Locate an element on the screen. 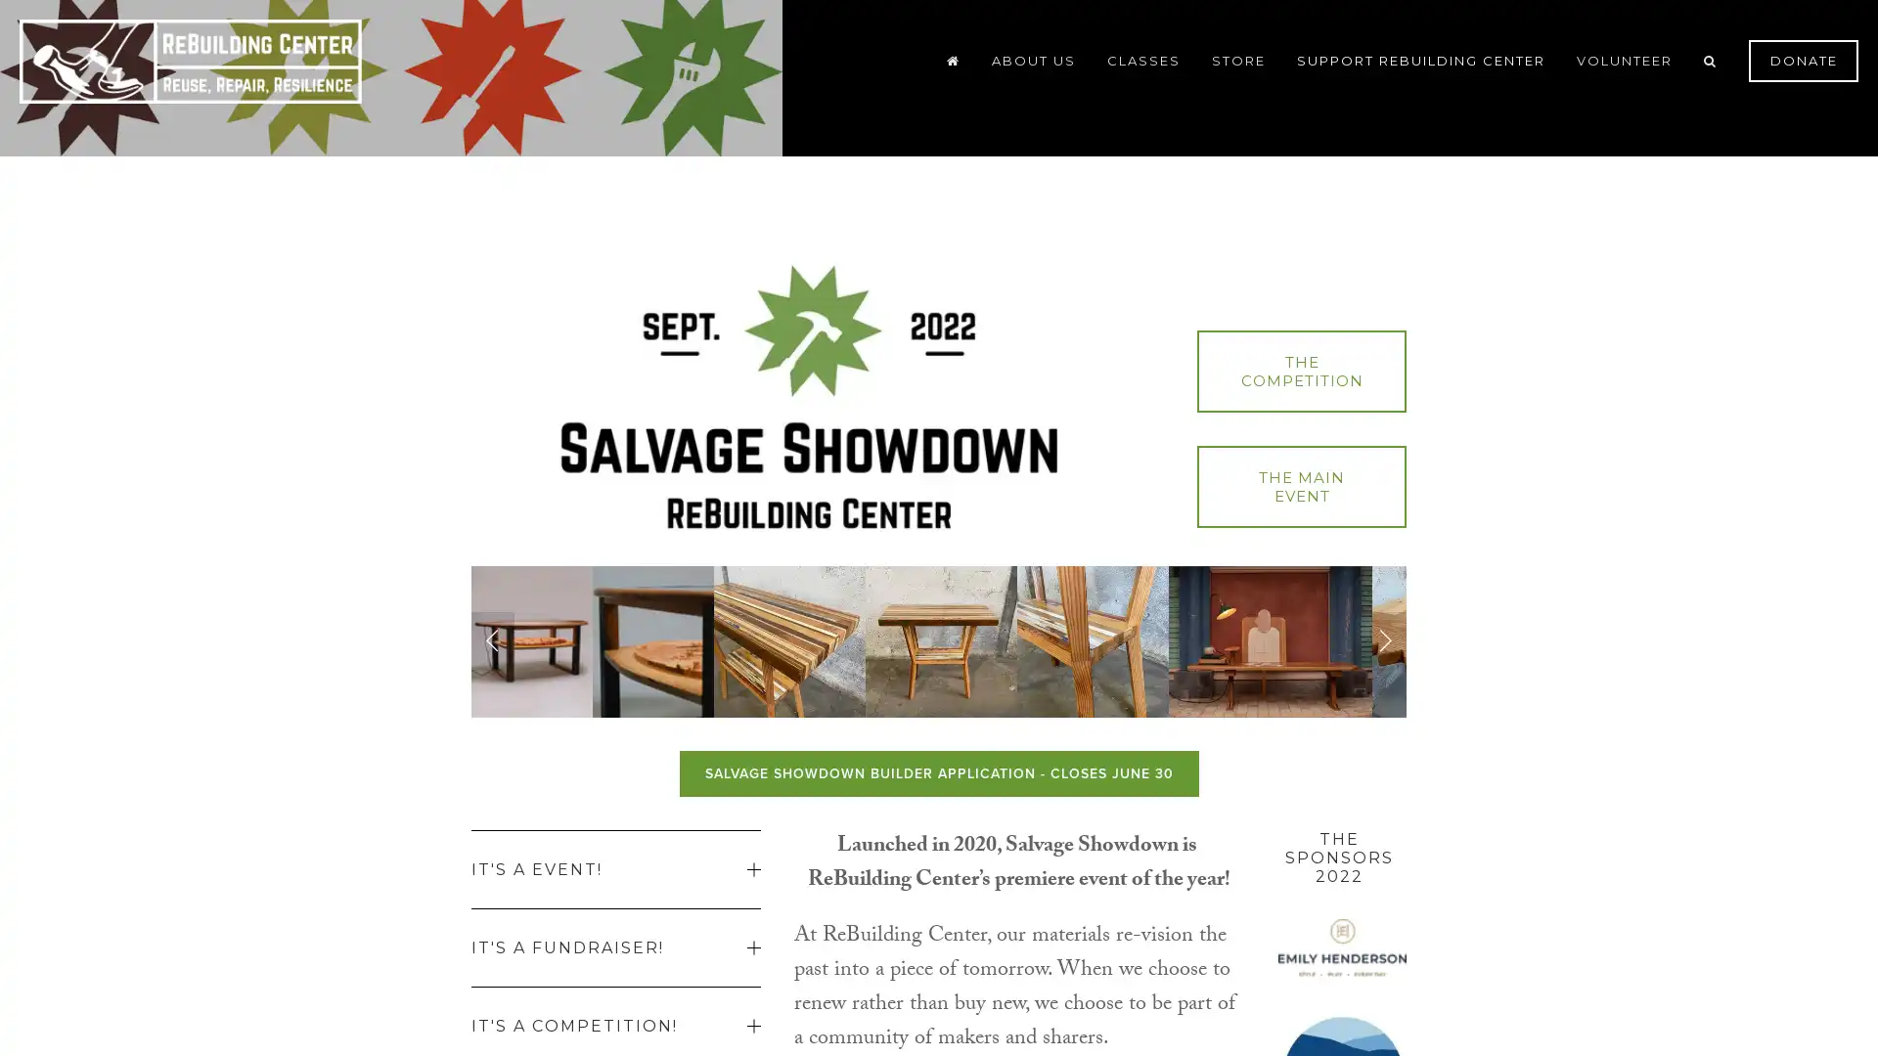 This screenshot has height=1056, width=1878. IT'S A EVENT! is located at coordinates (614, 867).